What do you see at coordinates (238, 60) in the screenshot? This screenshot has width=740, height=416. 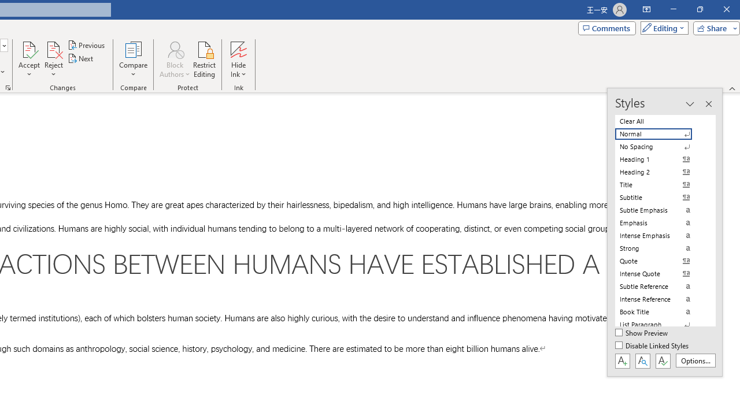 I see `'Hide Ink'` at bounding box center [238, 60].